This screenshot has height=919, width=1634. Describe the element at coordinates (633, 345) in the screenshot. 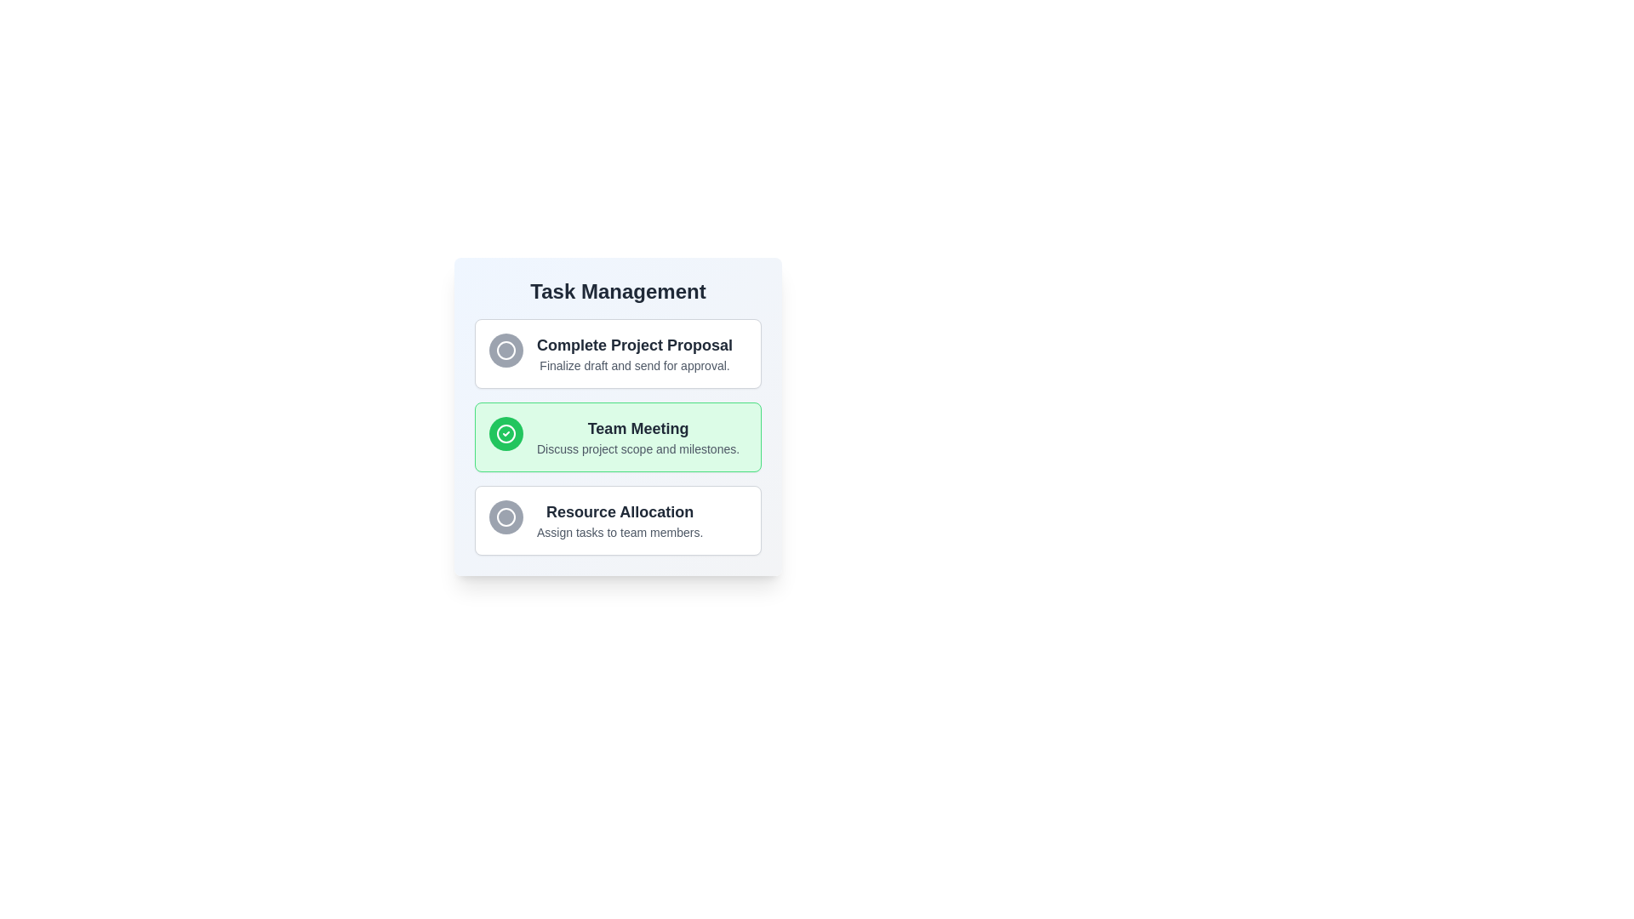

I see `the task description text to focus on it` at that location.